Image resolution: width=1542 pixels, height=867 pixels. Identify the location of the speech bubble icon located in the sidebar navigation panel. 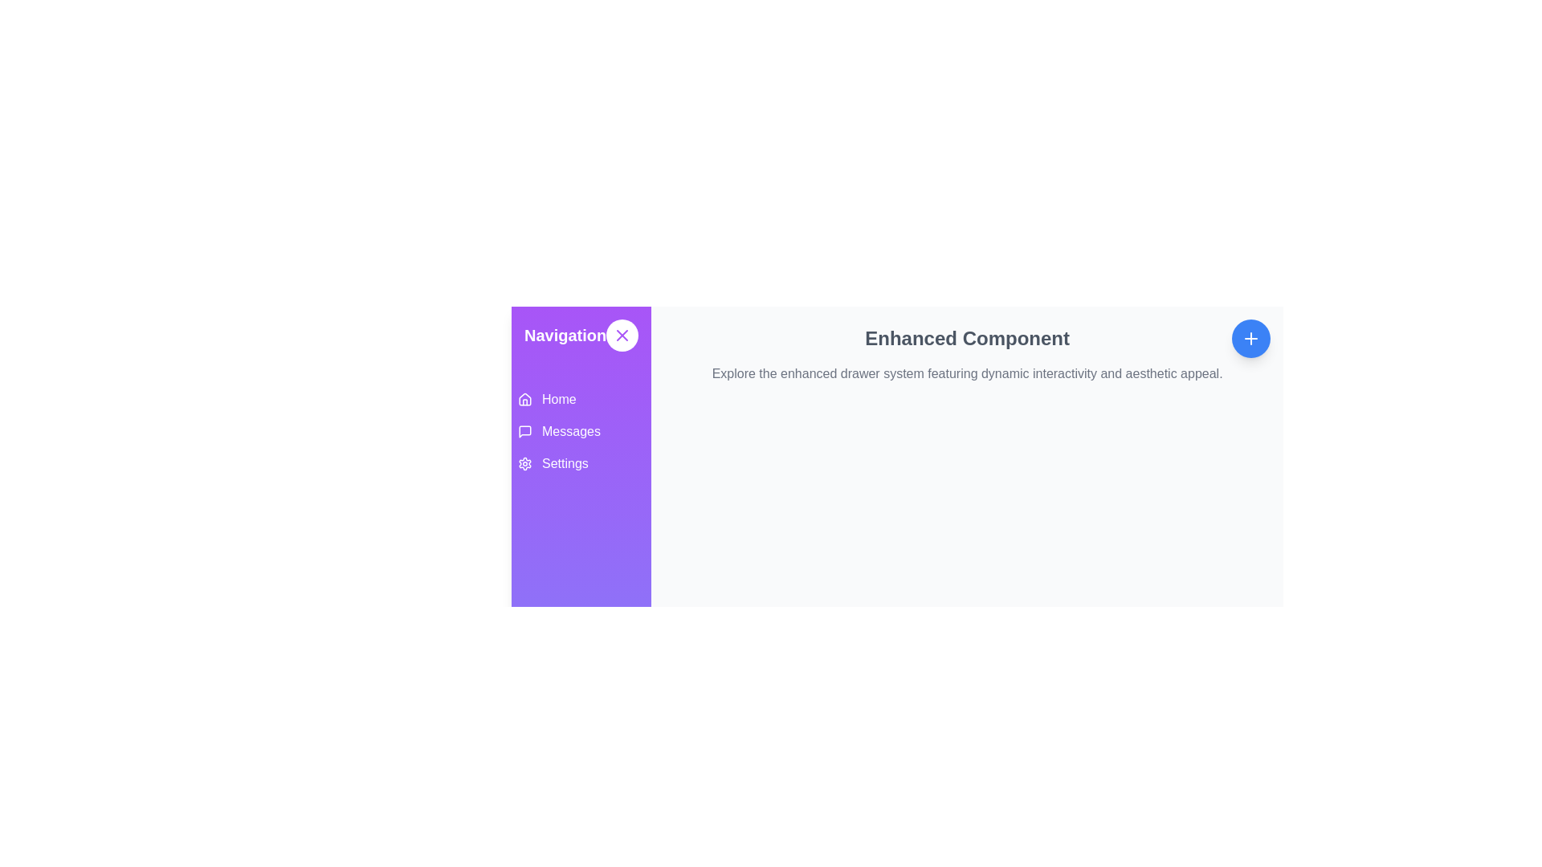
(524, 430).